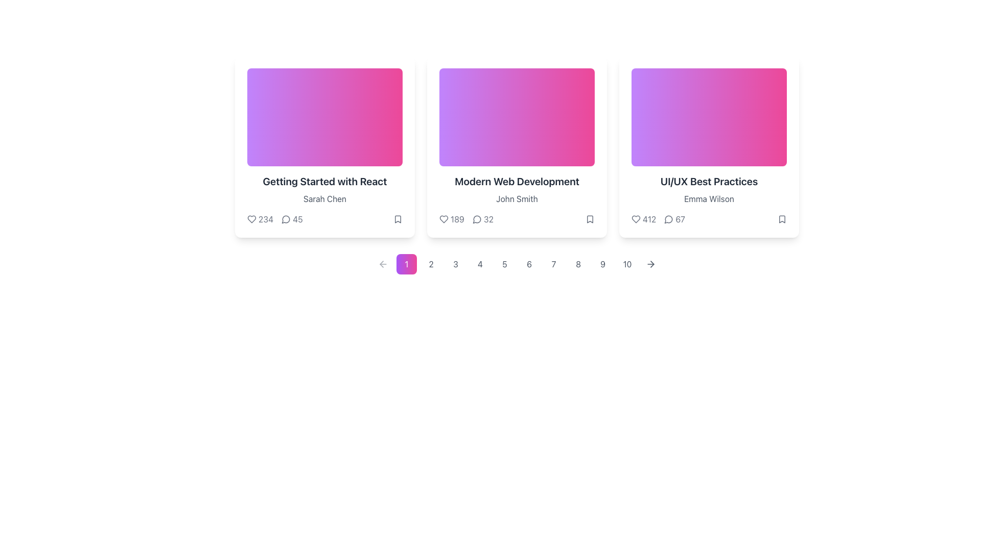  What do you see at coordinates (680, 218) in the screenshot?
I see `the text label displaying the number '67' adjacent to the comment icon in the third card of the grid layout` at bounding box center [680, 218].